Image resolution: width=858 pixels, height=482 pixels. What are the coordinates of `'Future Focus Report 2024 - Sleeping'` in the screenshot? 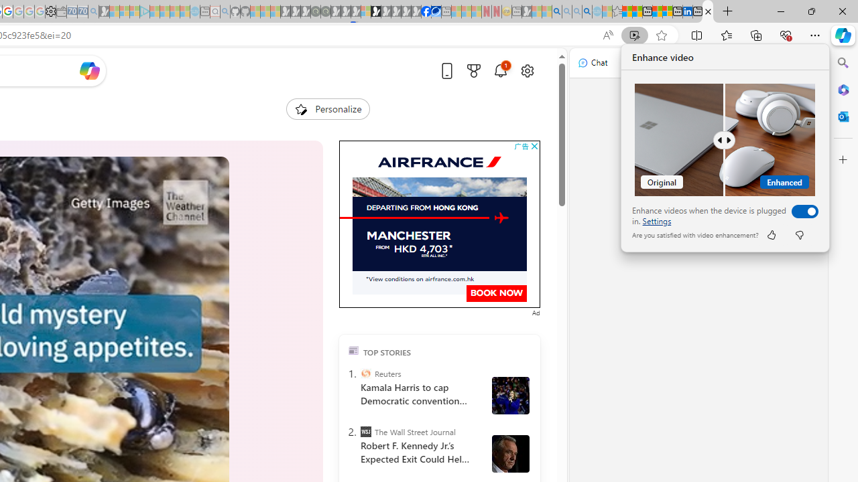 It's located at (325, 11).